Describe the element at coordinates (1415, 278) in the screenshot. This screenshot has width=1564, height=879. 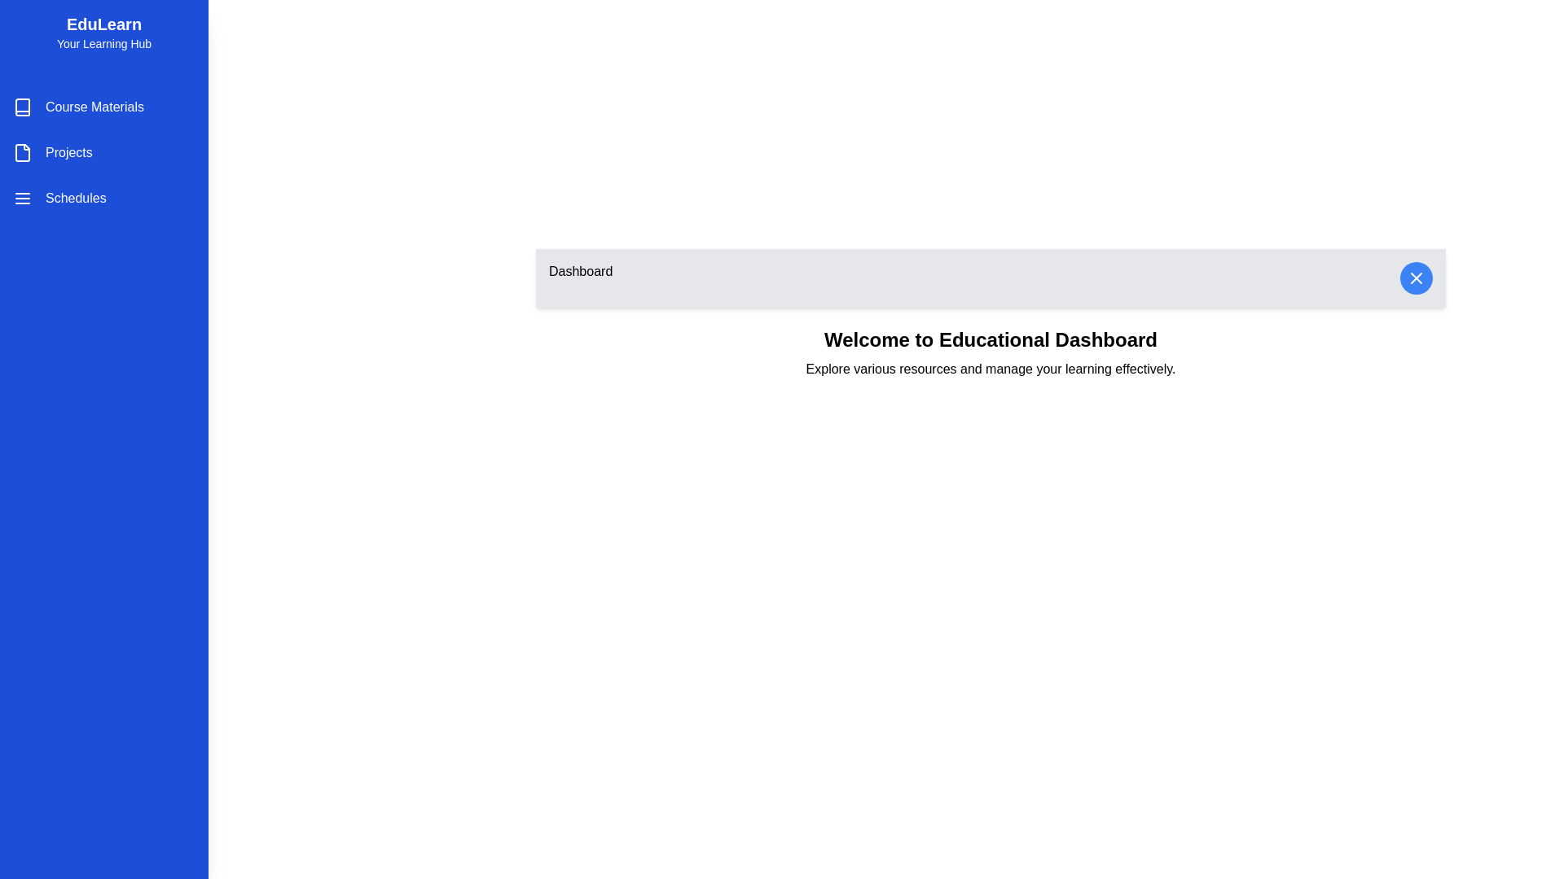
I see `the close button located in the top-right corner of the gray header bar` at that location.